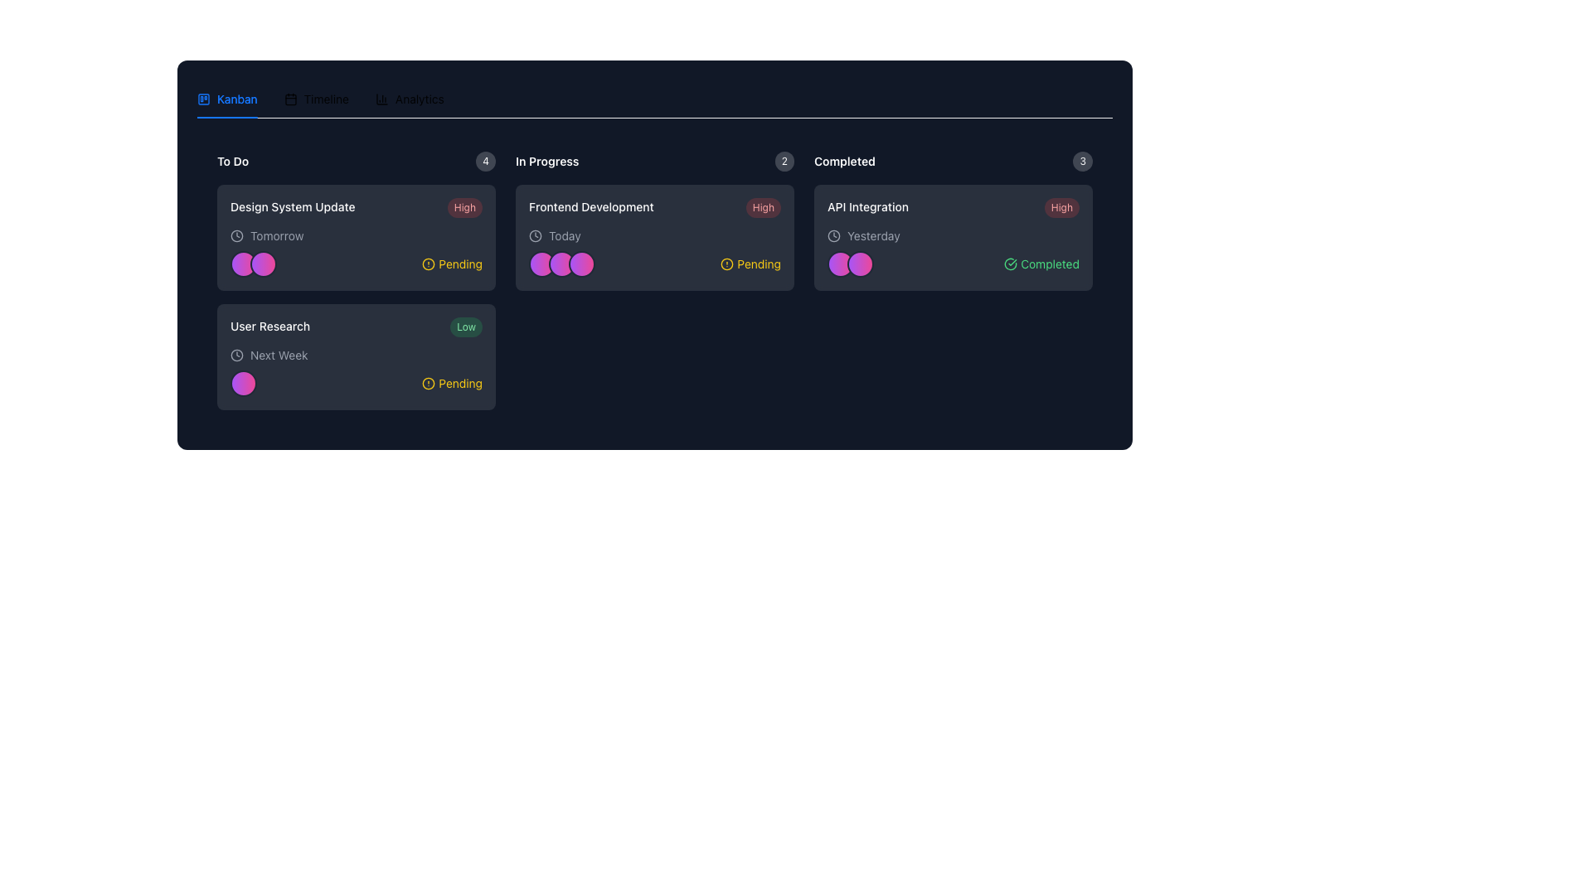 The image size is (1592, 895). Describe the element at coordinates (429, 383) in the screenshot. I see `the circular shape inside the vector graphic icon that indicates status or alert, located in the 'To Do' column under the 'User Research' task` at that location.